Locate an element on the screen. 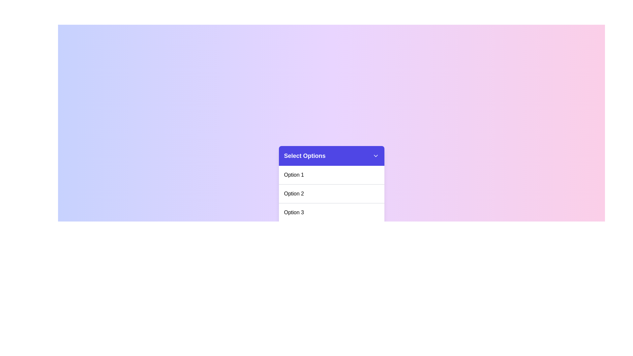 This screenshot has width=633, height=356. the 'Option 3' menu item in the dropdown list is located at coordinates (331, 212).